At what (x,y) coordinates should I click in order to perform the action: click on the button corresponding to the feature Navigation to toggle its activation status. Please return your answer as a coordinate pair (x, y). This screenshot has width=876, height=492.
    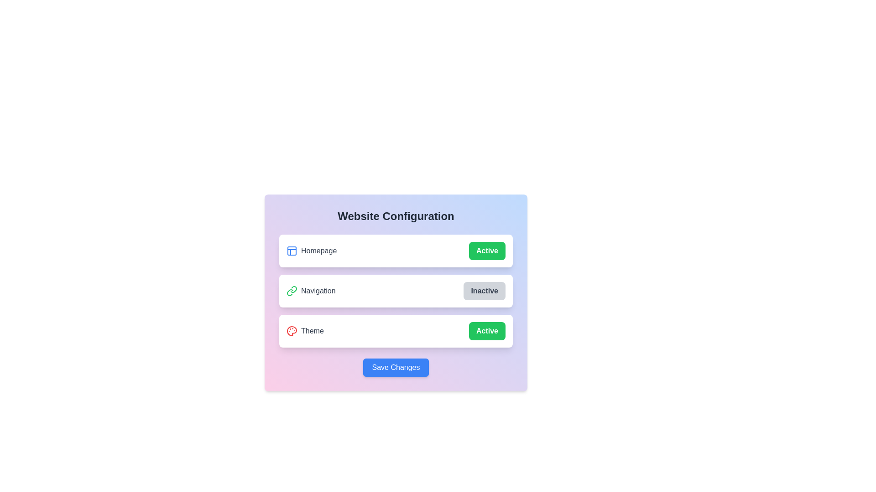
    Looking at the image, I should click on (484, 291).